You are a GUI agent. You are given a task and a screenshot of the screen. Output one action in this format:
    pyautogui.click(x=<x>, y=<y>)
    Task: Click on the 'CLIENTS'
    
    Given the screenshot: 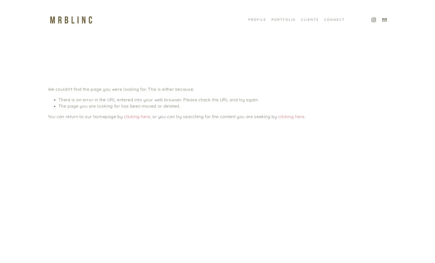 What is the action you would take?
    pyautogui.click(x=301, y=19)
    